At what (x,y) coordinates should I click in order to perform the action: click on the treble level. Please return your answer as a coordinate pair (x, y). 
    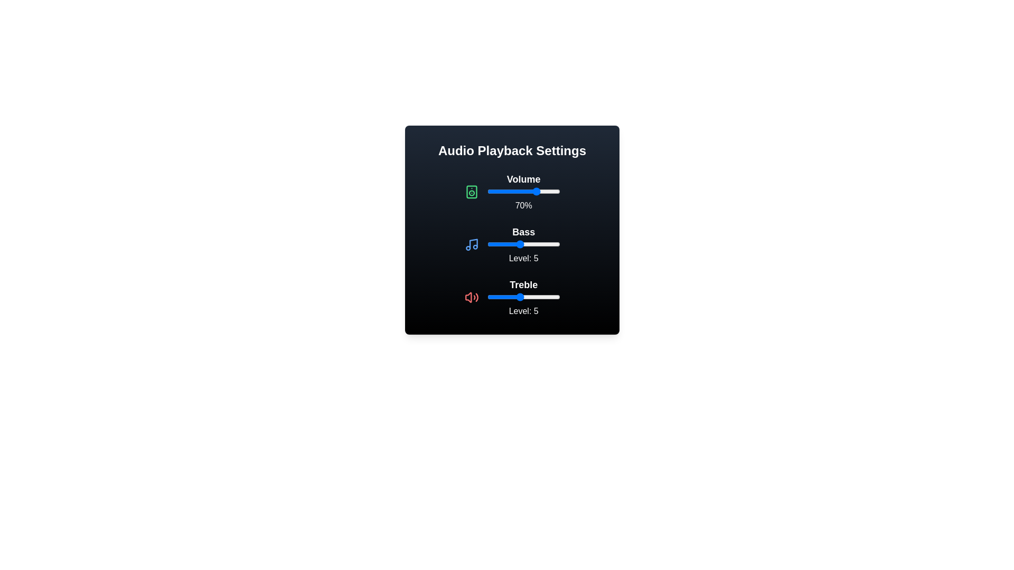
    Looking at the image, I should click on (519, 297).